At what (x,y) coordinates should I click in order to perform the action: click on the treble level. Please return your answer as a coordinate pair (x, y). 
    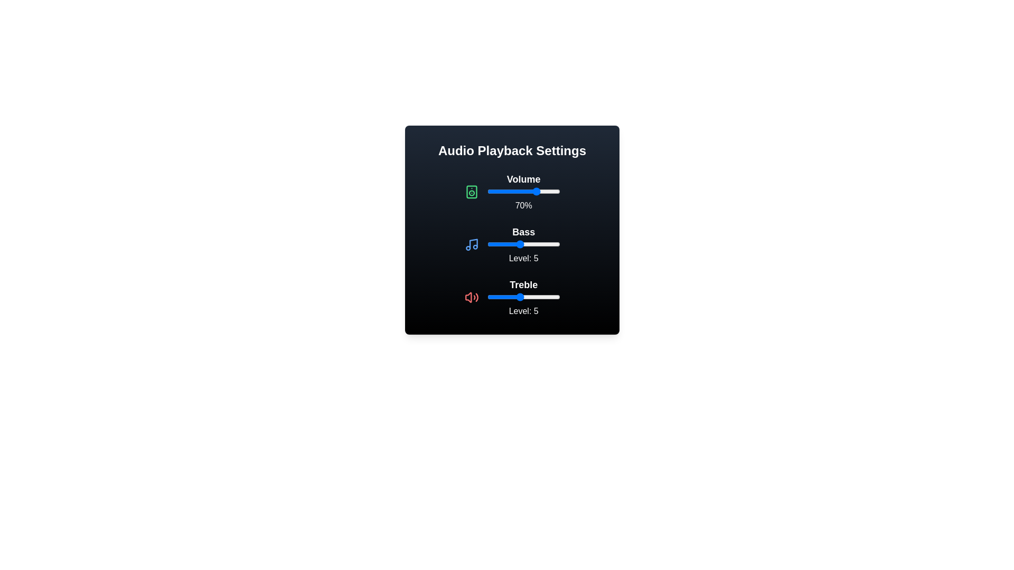
    Looking at the image, I should click on (519, 297).